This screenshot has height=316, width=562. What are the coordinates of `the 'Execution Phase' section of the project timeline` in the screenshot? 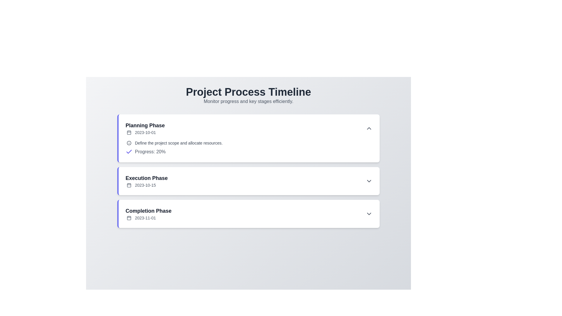 It's located at (249, 171).